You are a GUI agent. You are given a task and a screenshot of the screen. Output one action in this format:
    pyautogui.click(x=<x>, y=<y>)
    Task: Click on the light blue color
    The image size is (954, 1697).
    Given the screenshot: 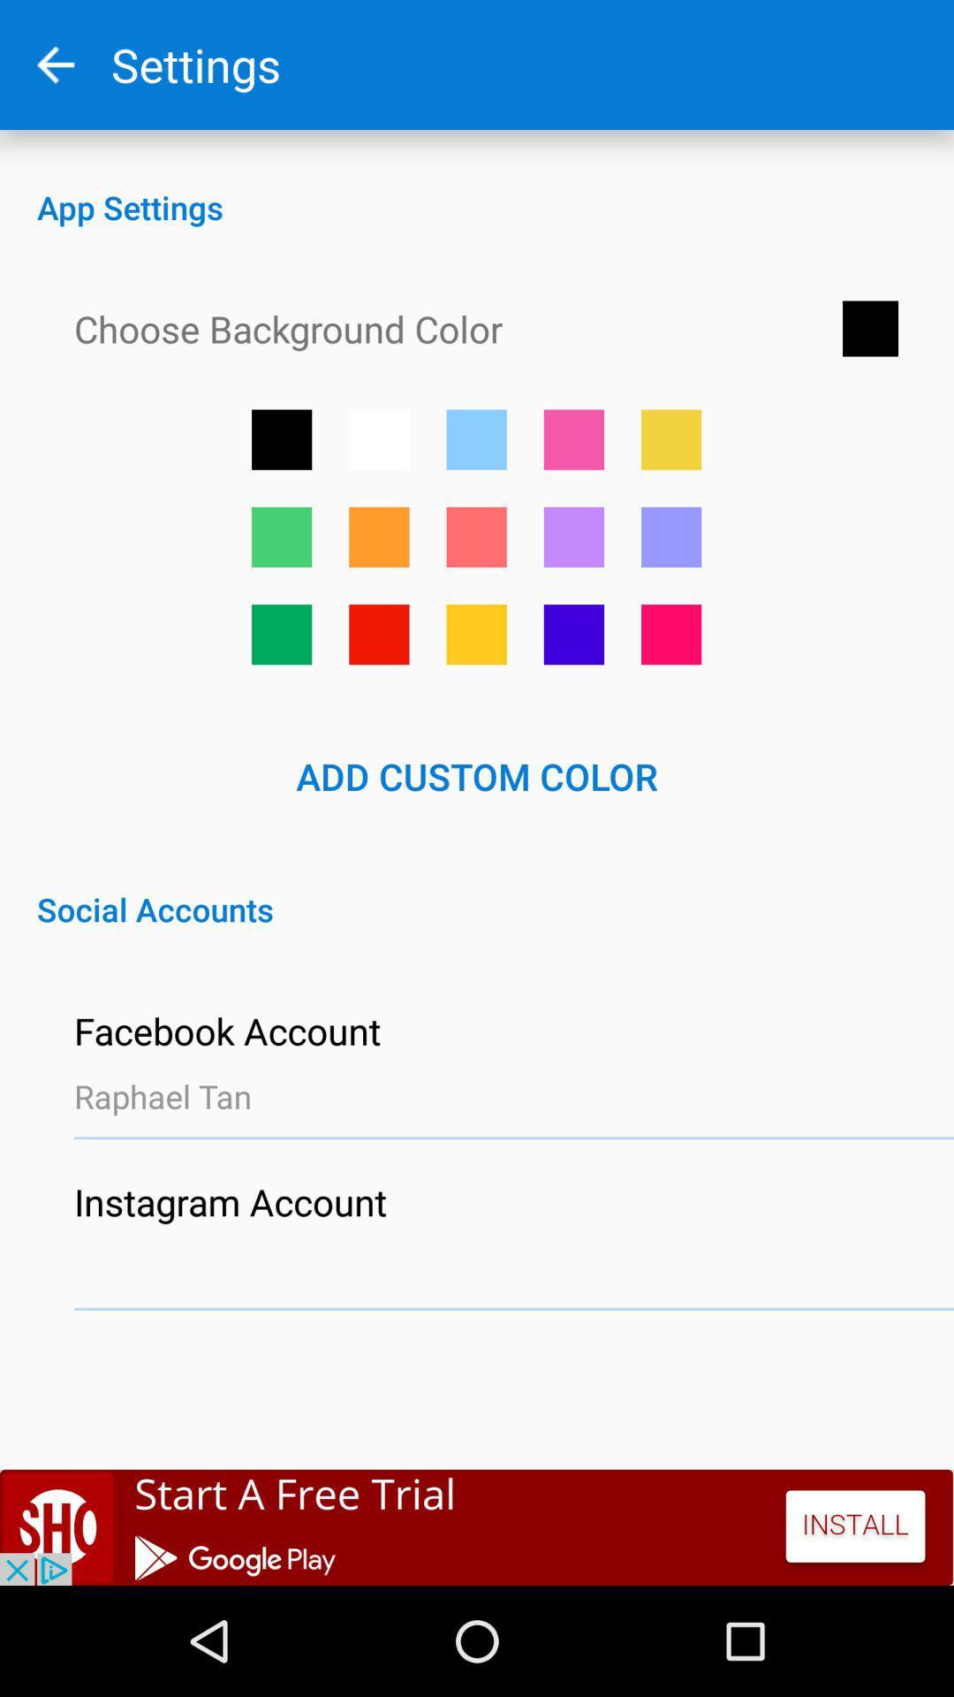 What is the action you would take?
    pyautogui.click(x=475, y=439)
    